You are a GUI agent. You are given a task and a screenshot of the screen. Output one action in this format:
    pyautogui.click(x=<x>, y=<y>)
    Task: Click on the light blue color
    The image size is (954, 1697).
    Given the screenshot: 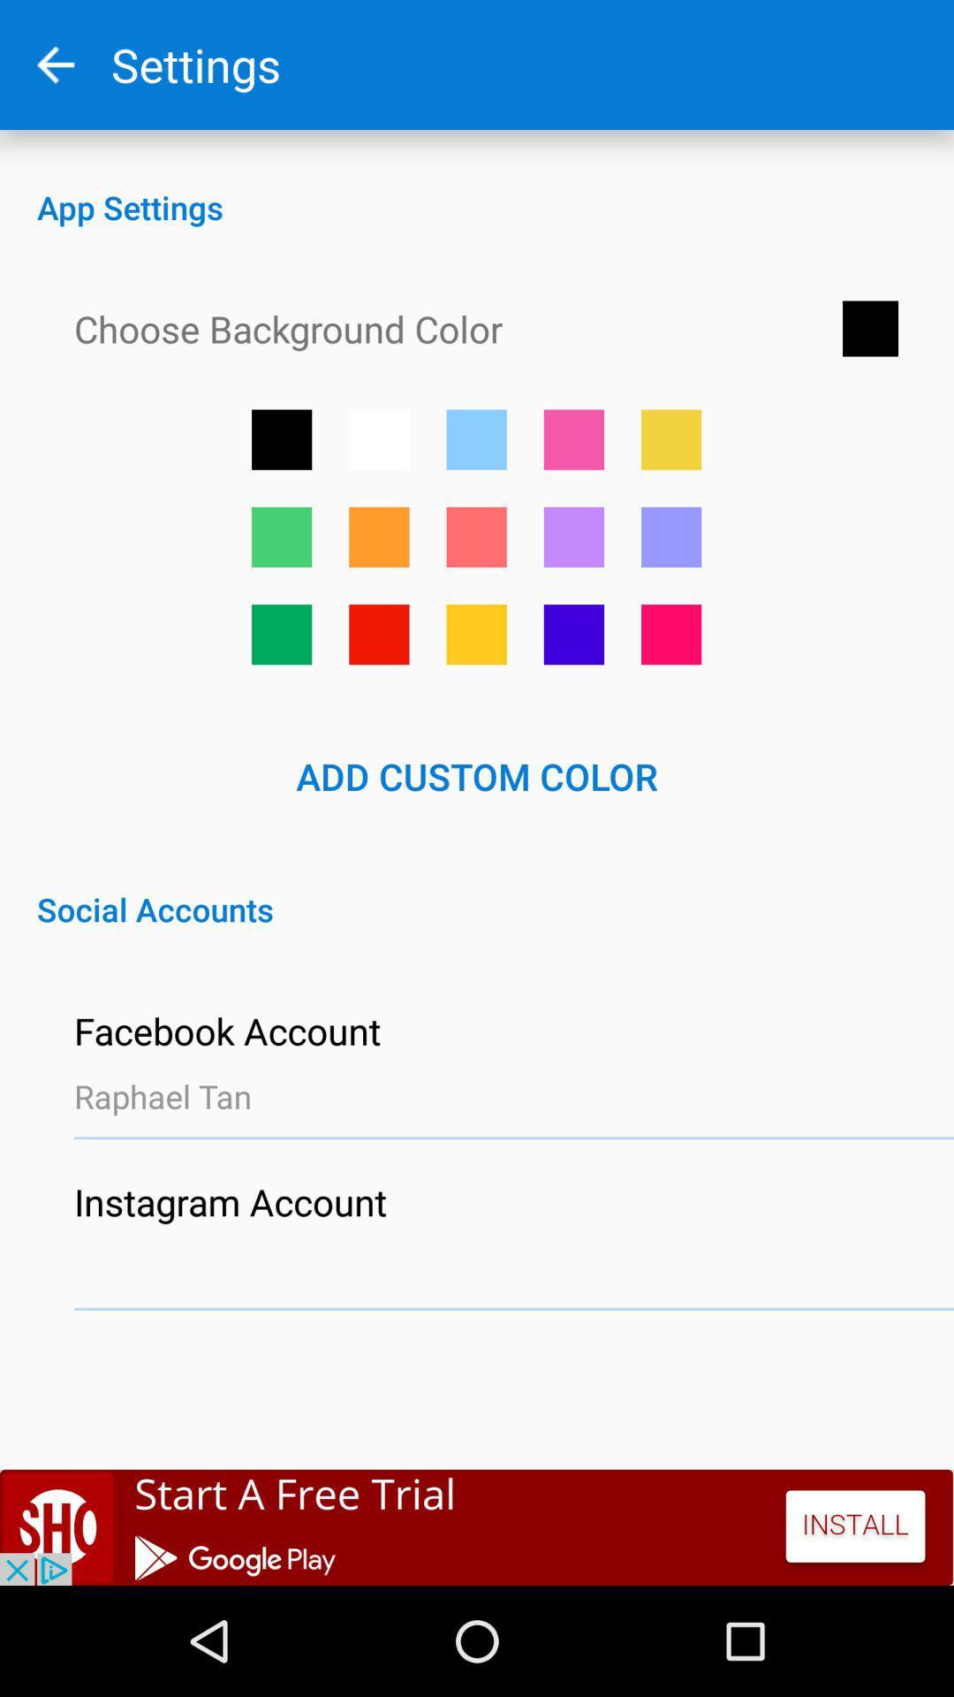 What is the action you would take?
    pyautogui.click(x=475, y=439)
    